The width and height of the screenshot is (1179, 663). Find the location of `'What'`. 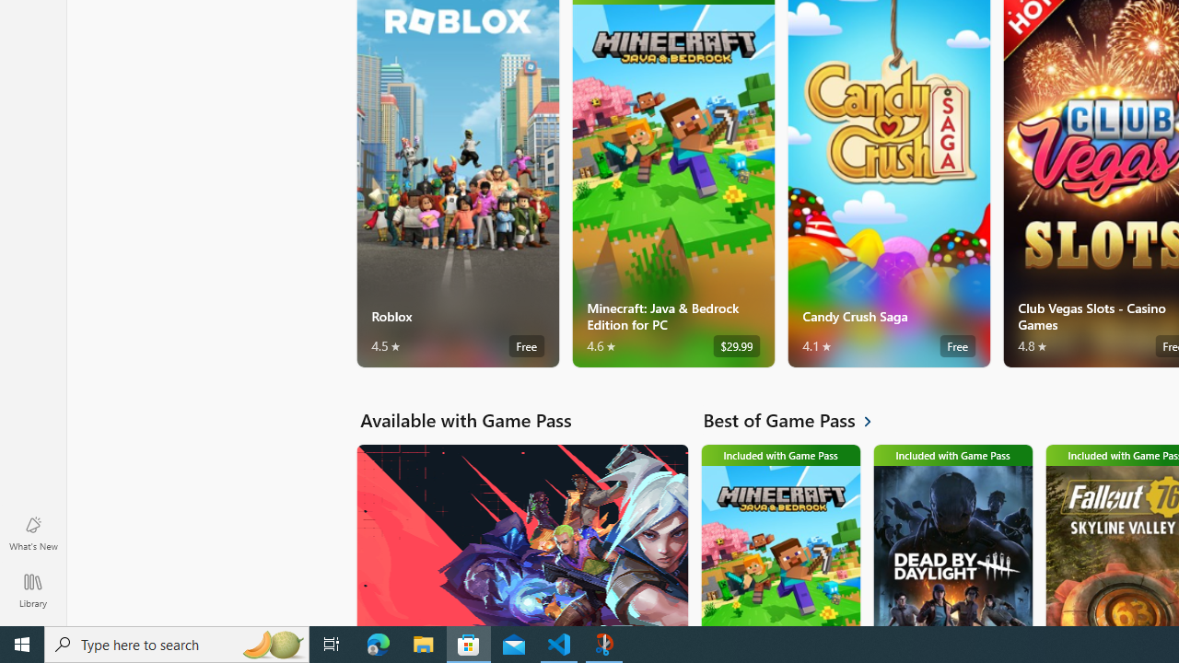

'What' is located at coordinates (32, 532).